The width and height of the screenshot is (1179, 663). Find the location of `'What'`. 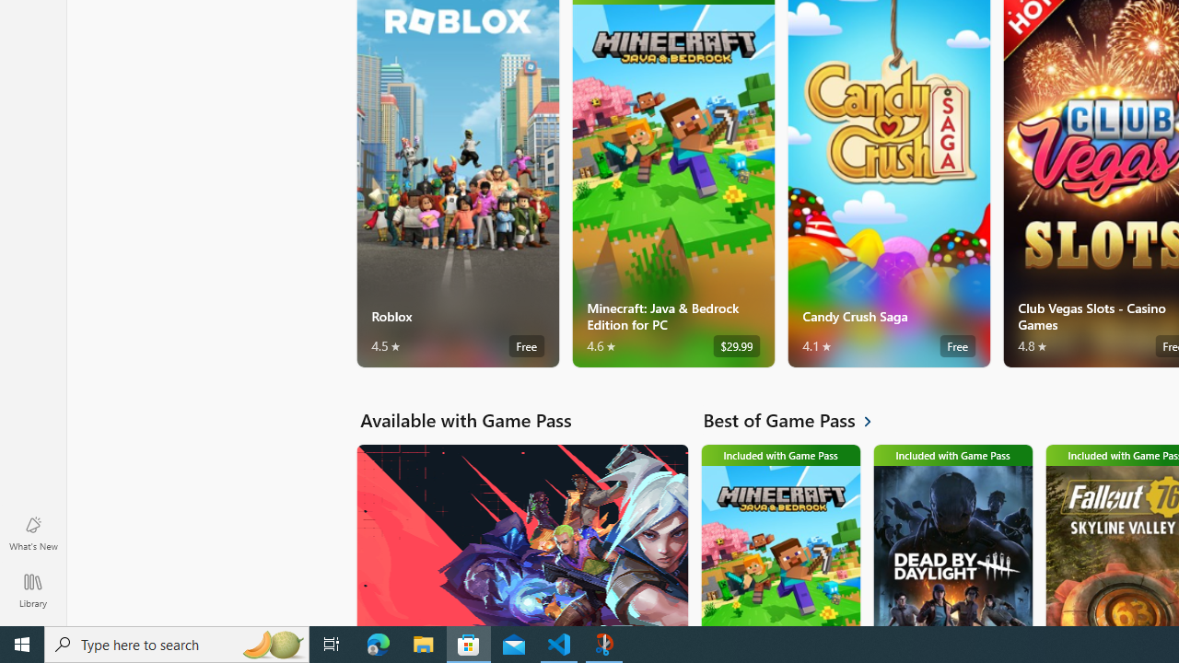

'What' is located at coordinates (32, 532).